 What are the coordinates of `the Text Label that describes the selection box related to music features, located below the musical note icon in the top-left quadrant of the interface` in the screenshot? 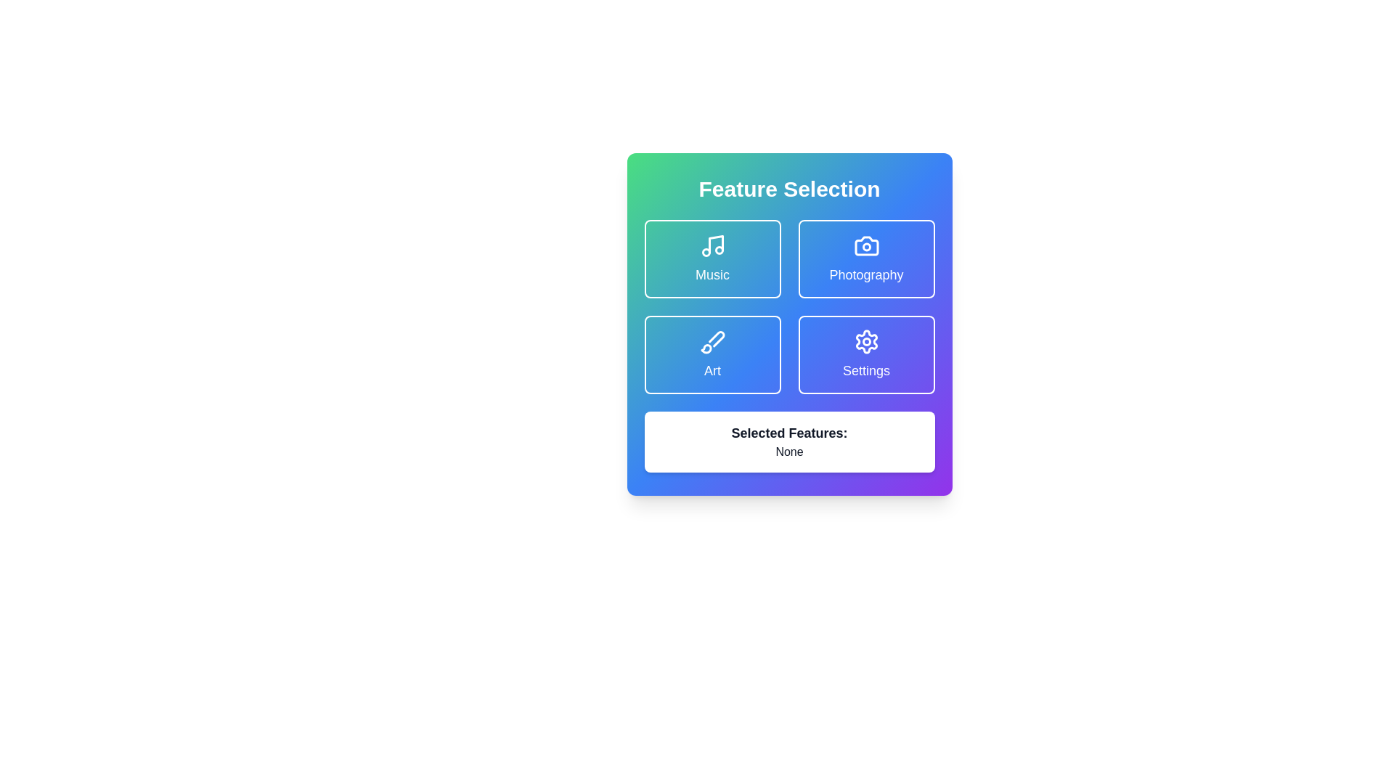 It's located at (712, 274).